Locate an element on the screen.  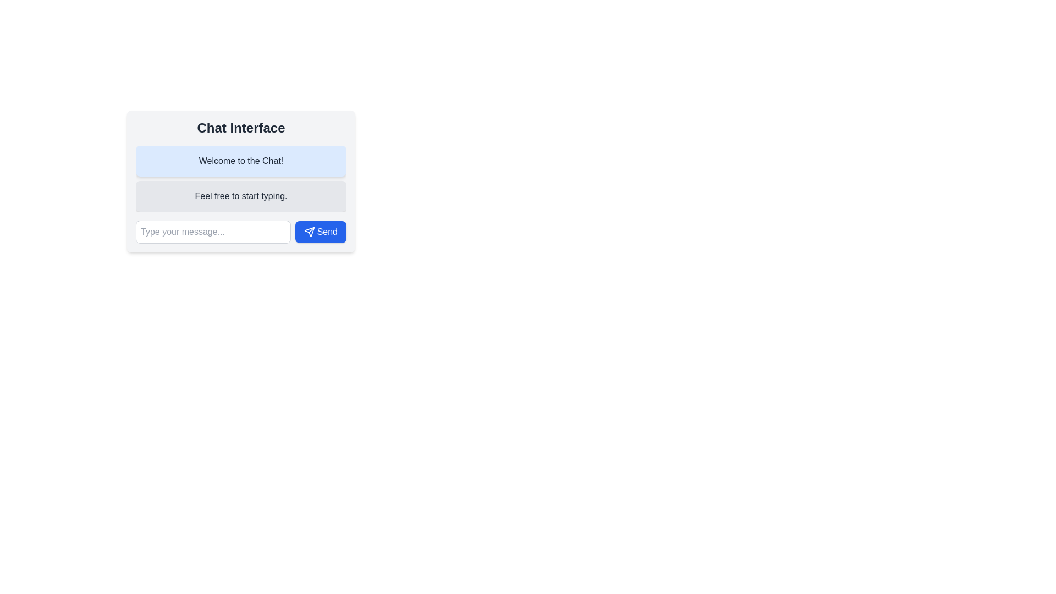
the text input box styled with rounded corners and a light gray border, which has the placeholder text 'Type your message...' for additional options is located at coordinates (213, 231).